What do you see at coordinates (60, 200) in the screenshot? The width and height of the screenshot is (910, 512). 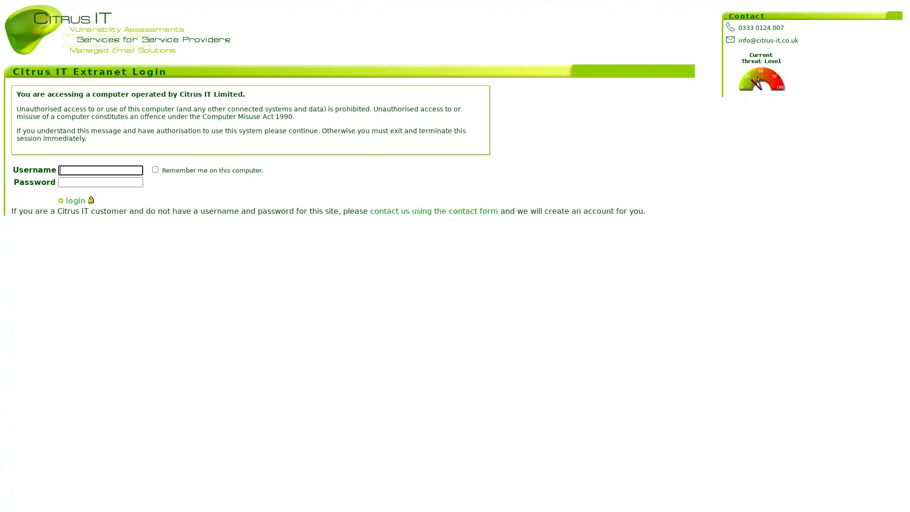 I see `>` at bounding box center [60, 200].